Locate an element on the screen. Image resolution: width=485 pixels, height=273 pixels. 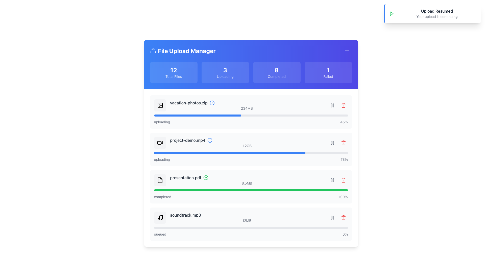
the 'Completed' text label, which is a small font size, semi-transparent grayish color, located within a card-like section displaying '8 Completed' is located at coordinates (276, 77).